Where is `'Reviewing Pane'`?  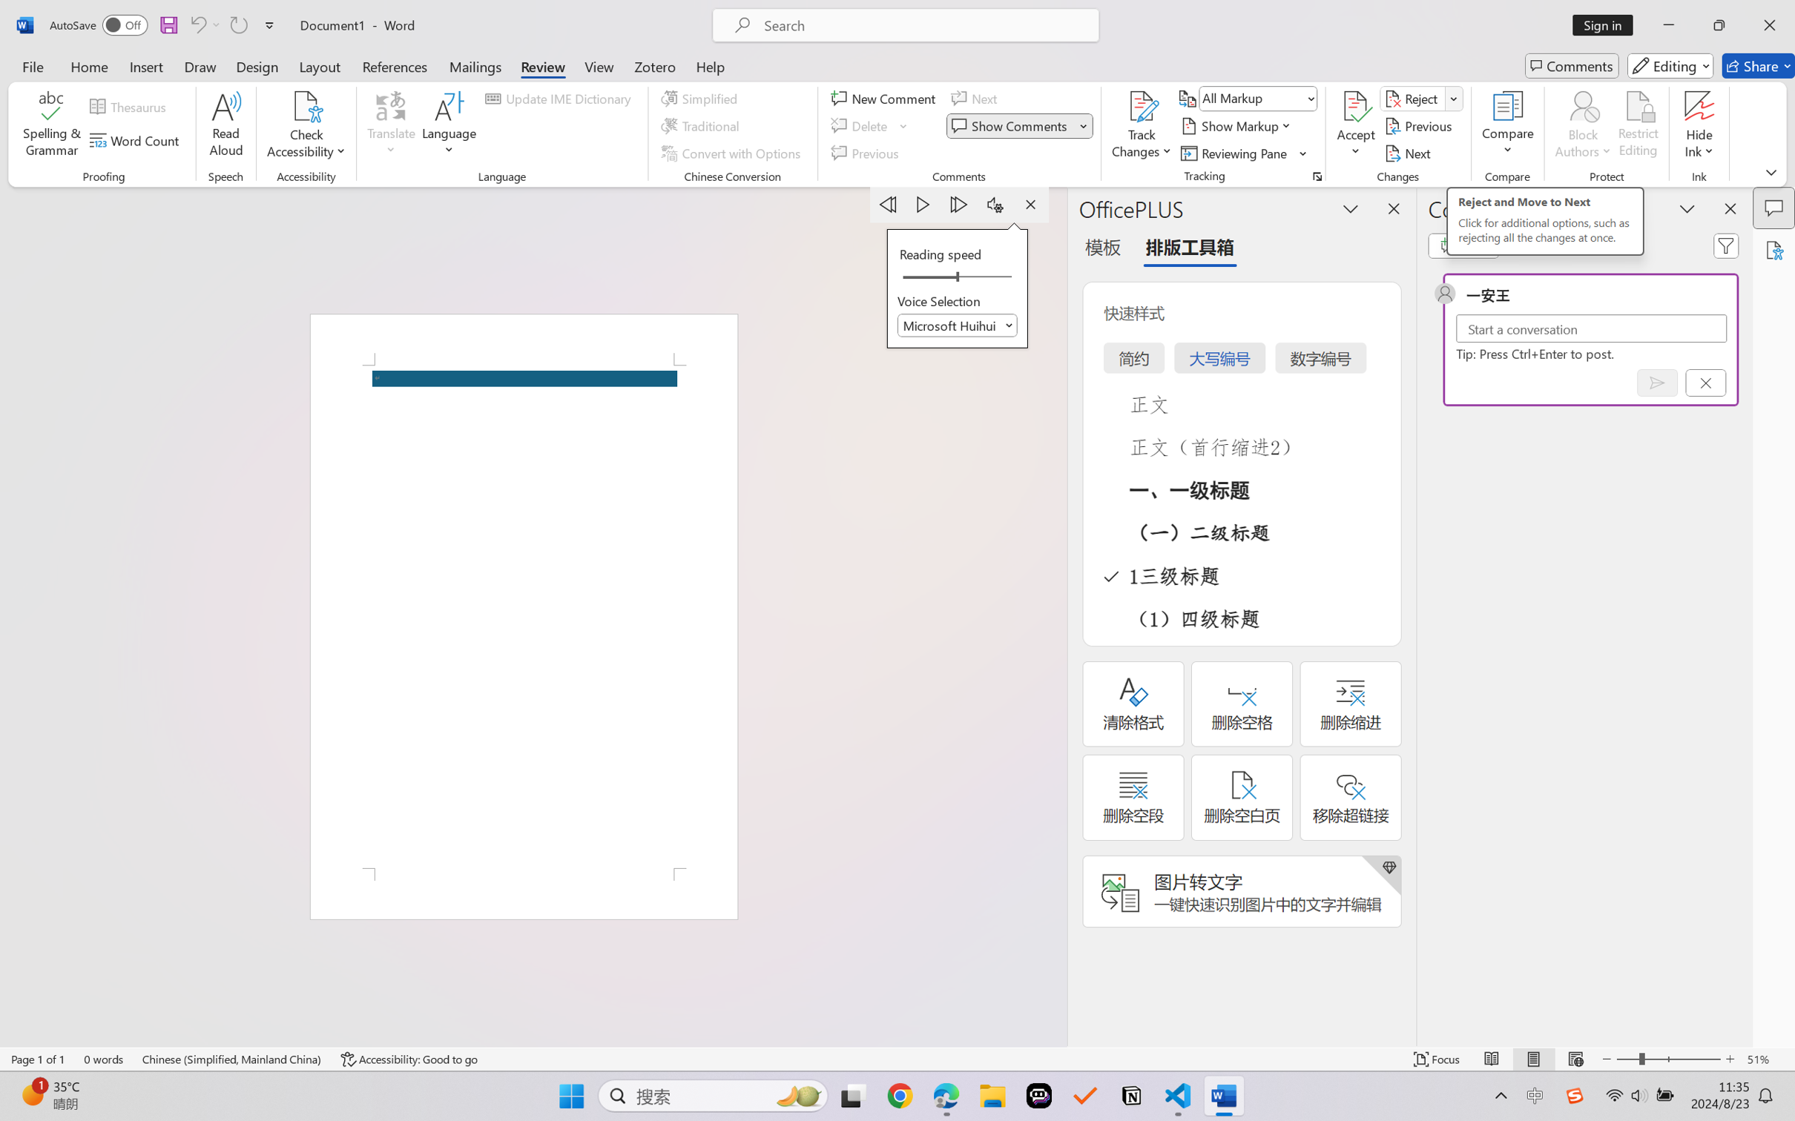
'Reviewing Pane' is located at coordinates (1235, 153).